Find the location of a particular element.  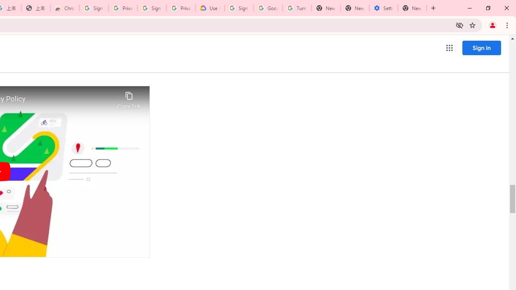

'Sign in - Google Accounts' is located at coordinates (94, 8).